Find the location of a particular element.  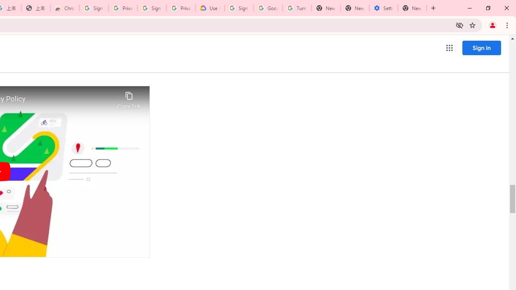

'Sign in - Google Accounts' is located at coordinates (94, 8).